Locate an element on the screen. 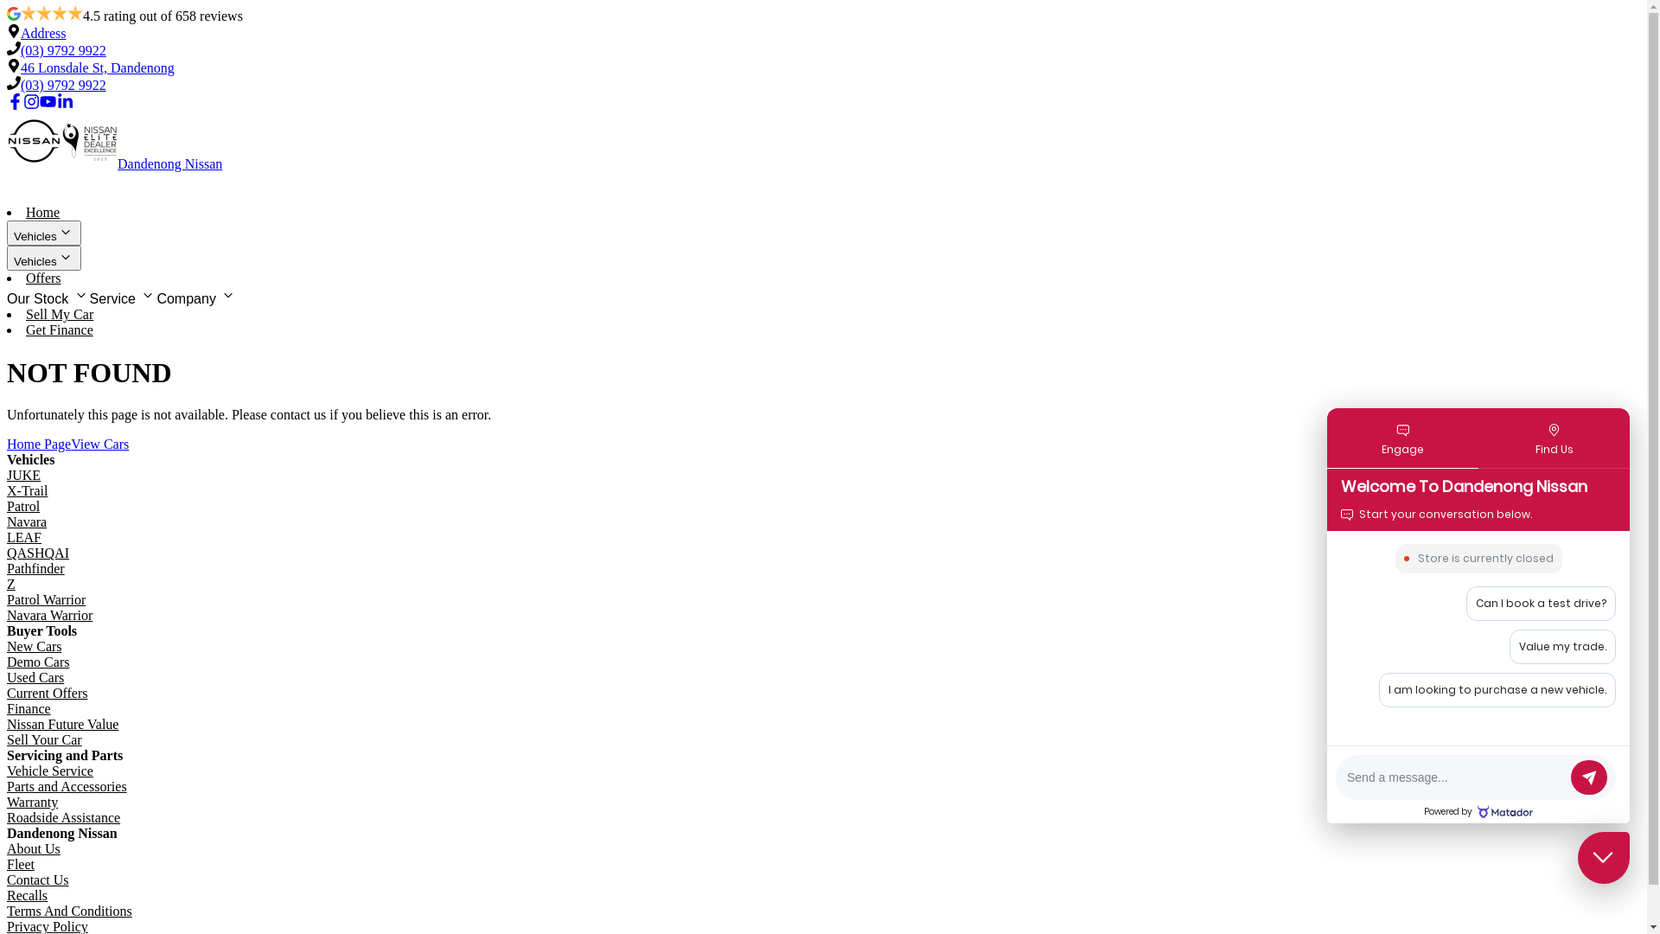 This screenshot has width=1660, height=934. 'Used Cars' is located at coordinates (35, 676).